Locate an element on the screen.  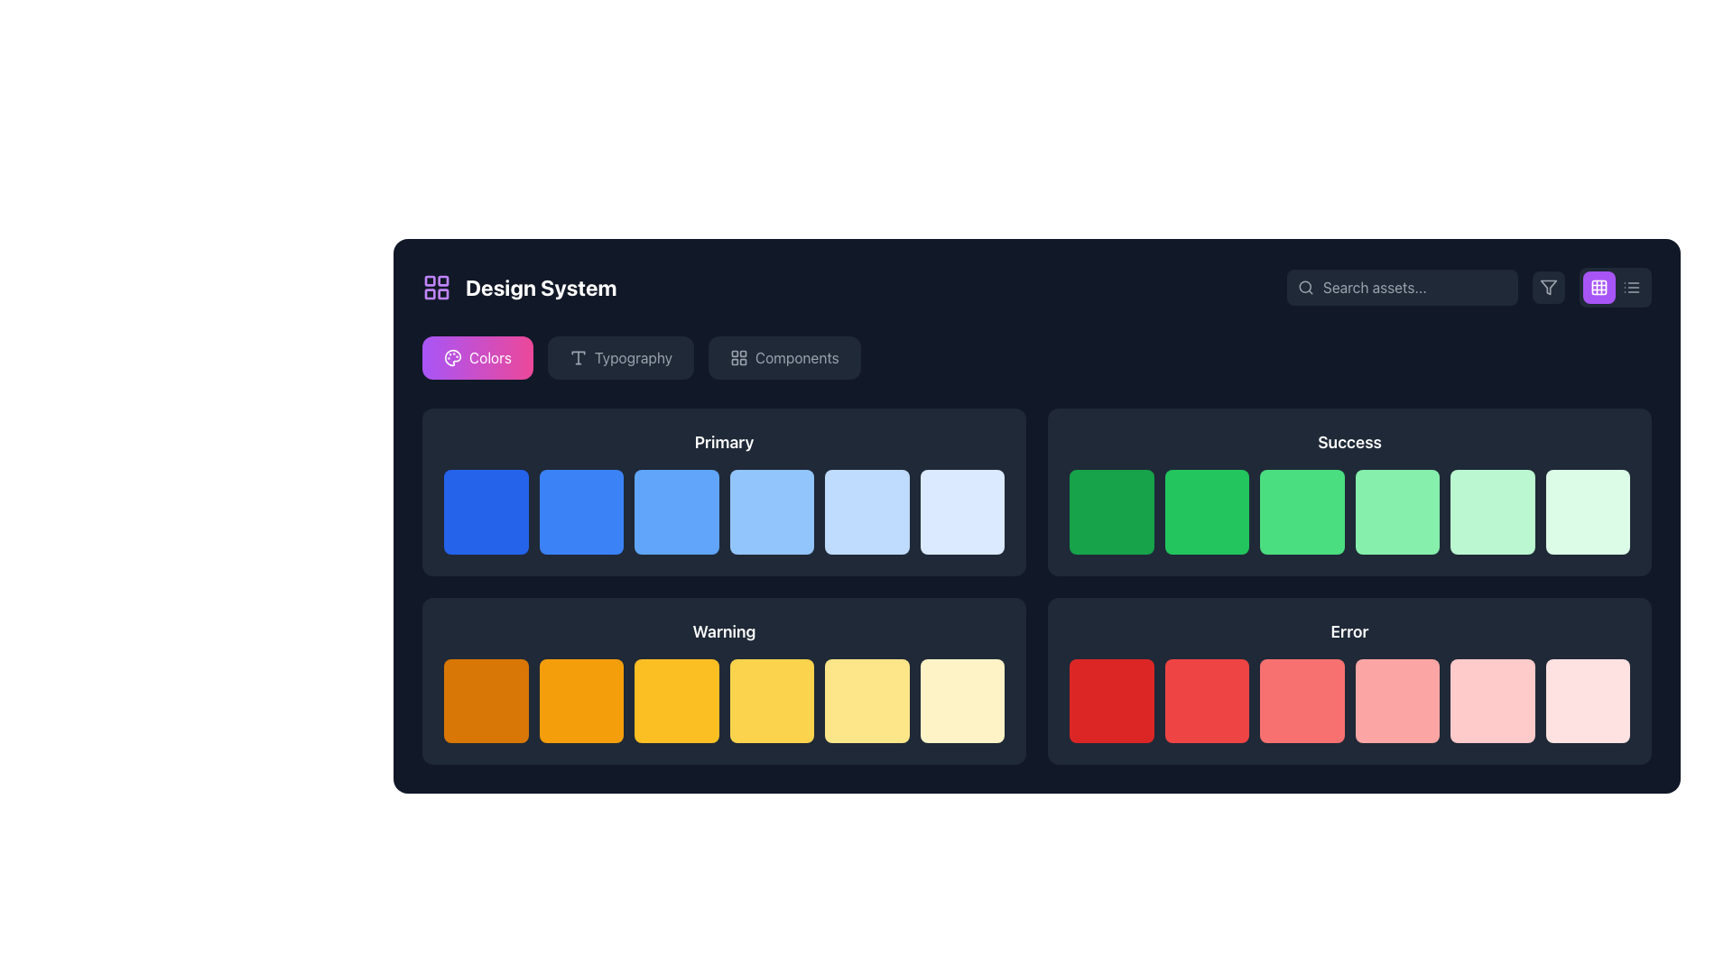
the color swatch rectangle in the 'Warning' section, which is the third element from the left in the second row of the grid is located at coordinates (678, 702).